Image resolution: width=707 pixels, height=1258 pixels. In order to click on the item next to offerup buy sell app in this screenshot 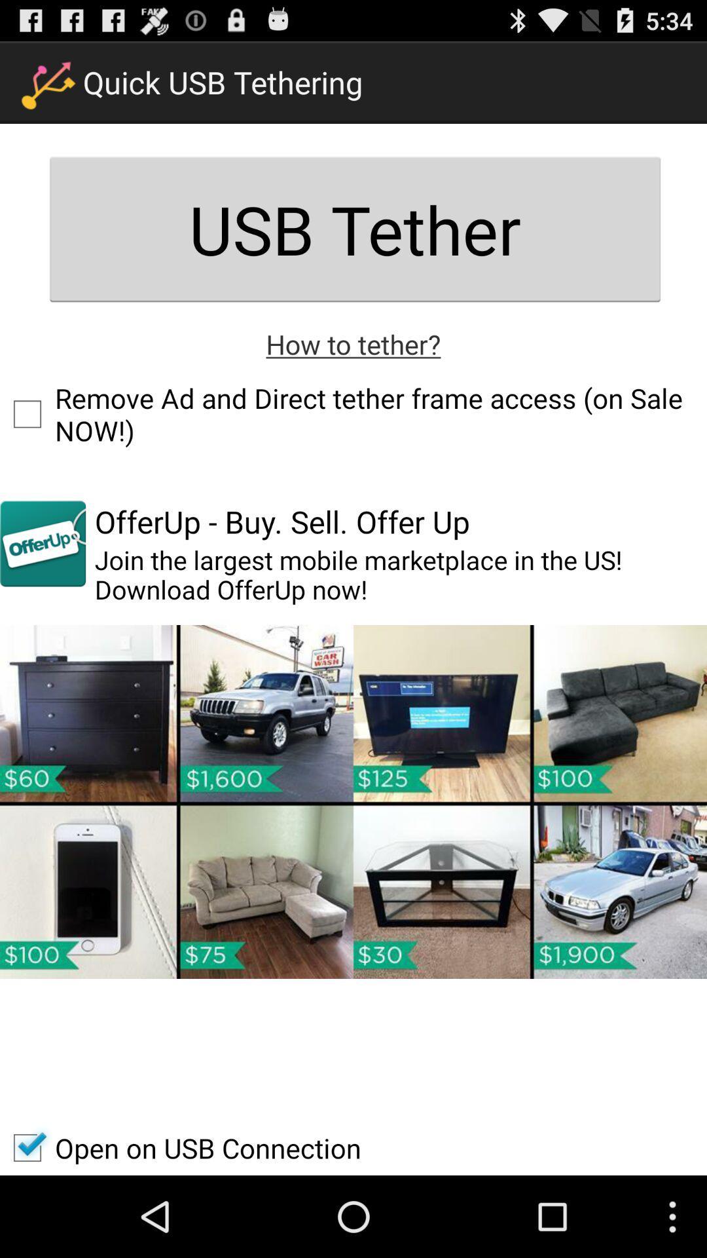, I will do `click(42, 543)`.